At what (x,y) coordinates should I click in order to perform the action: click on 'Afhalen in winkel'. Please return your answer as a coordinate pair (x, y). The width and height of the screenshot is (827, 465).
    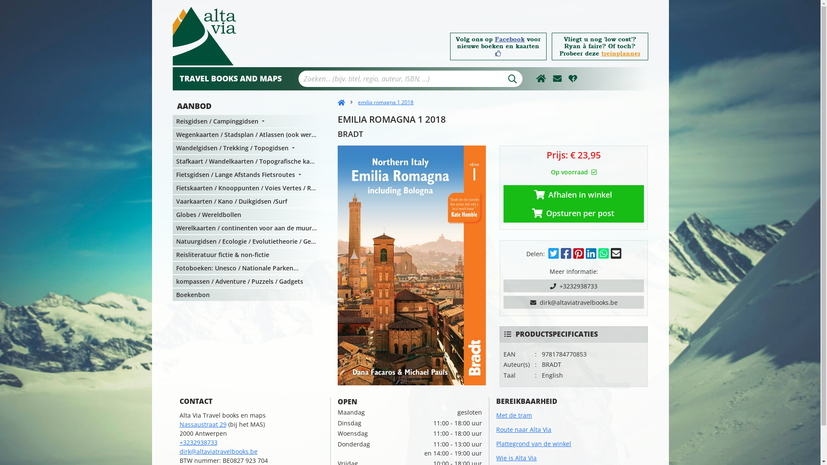
    Looking at the image, I should click on (574, 194).